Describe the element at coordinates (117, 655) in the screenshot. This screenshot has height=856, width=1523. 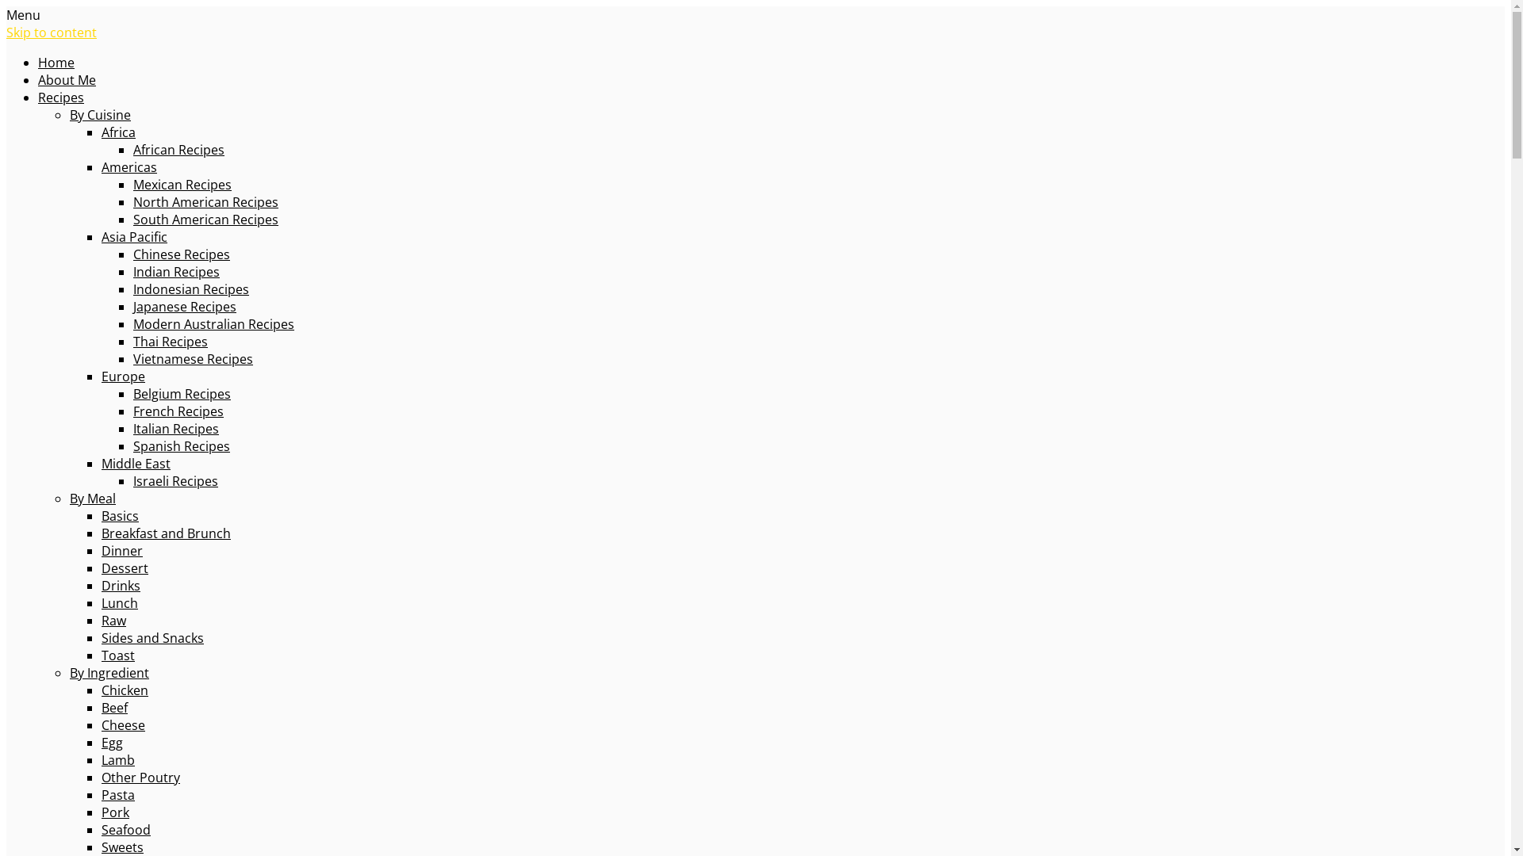
I see `'Toast'` at that location.